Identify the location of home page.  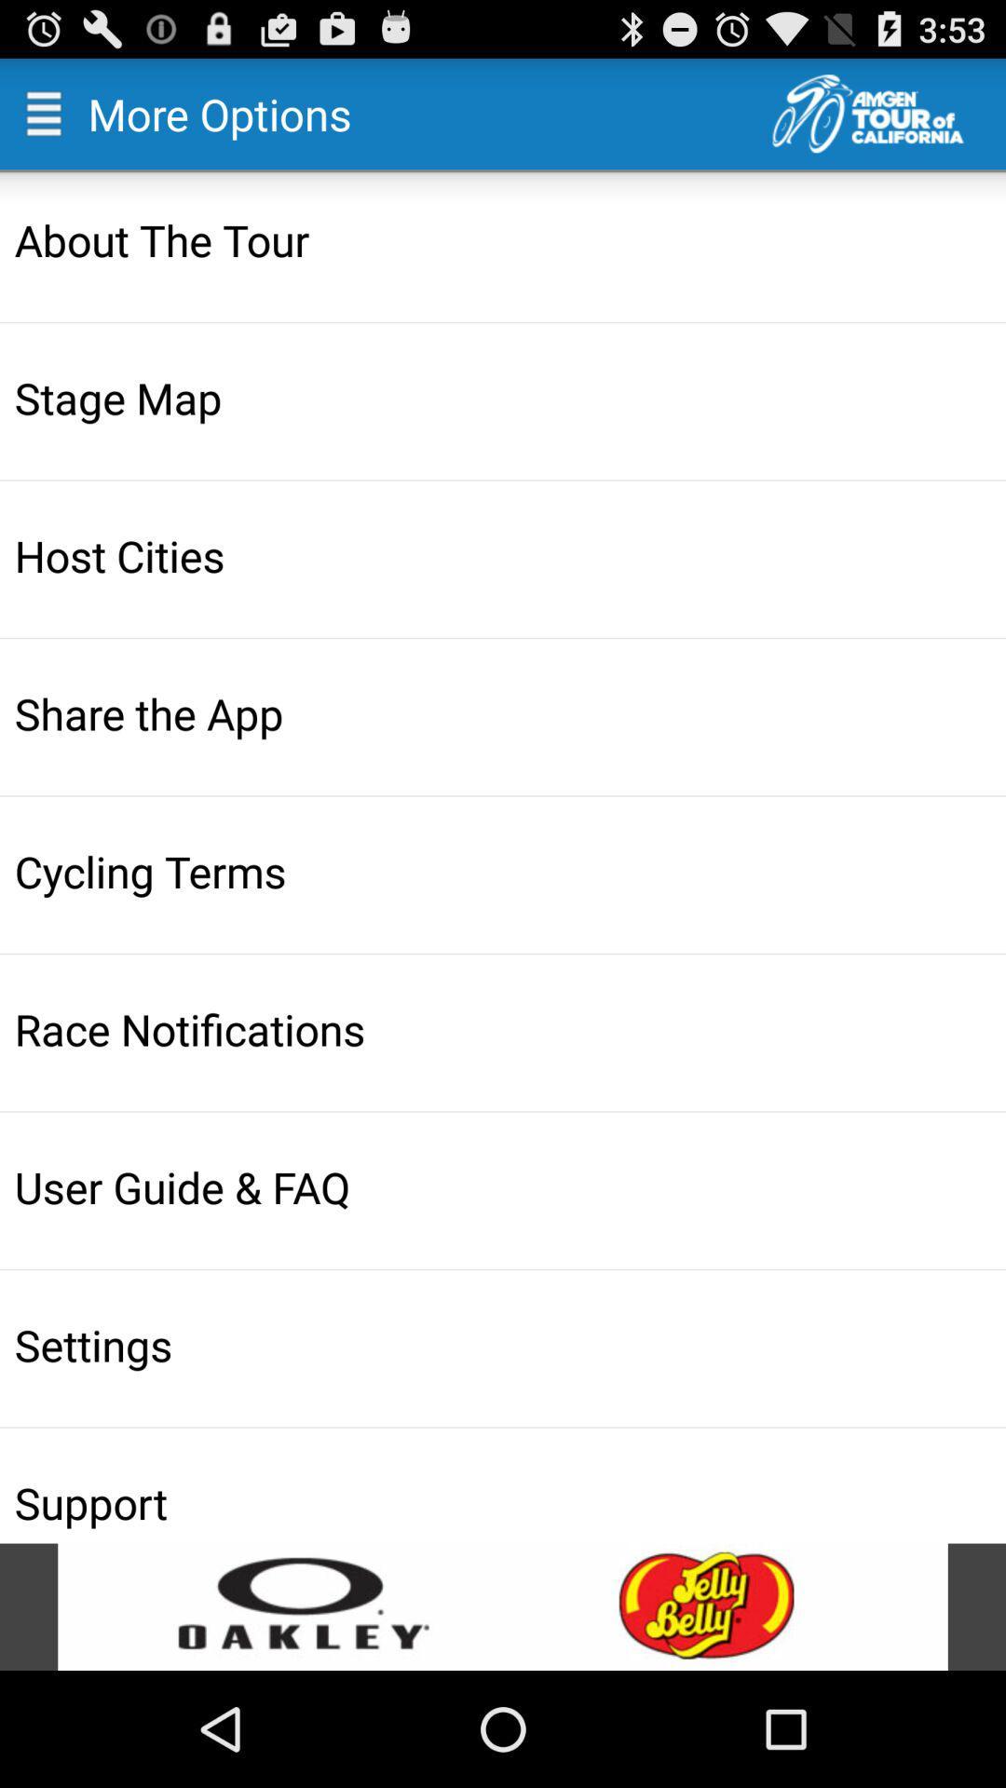
(888, 113).